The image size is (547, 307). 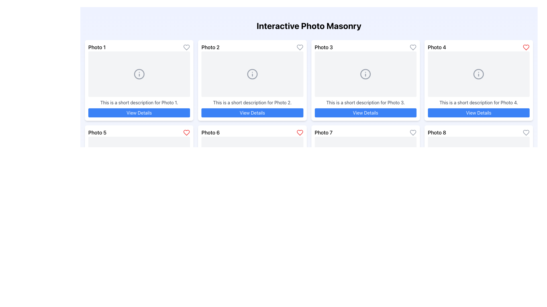 I want to click on the text label providing a description for 'Photo 1', located centrally beneath the image area and above the 'View Details' button, so click(x=139, y=103).